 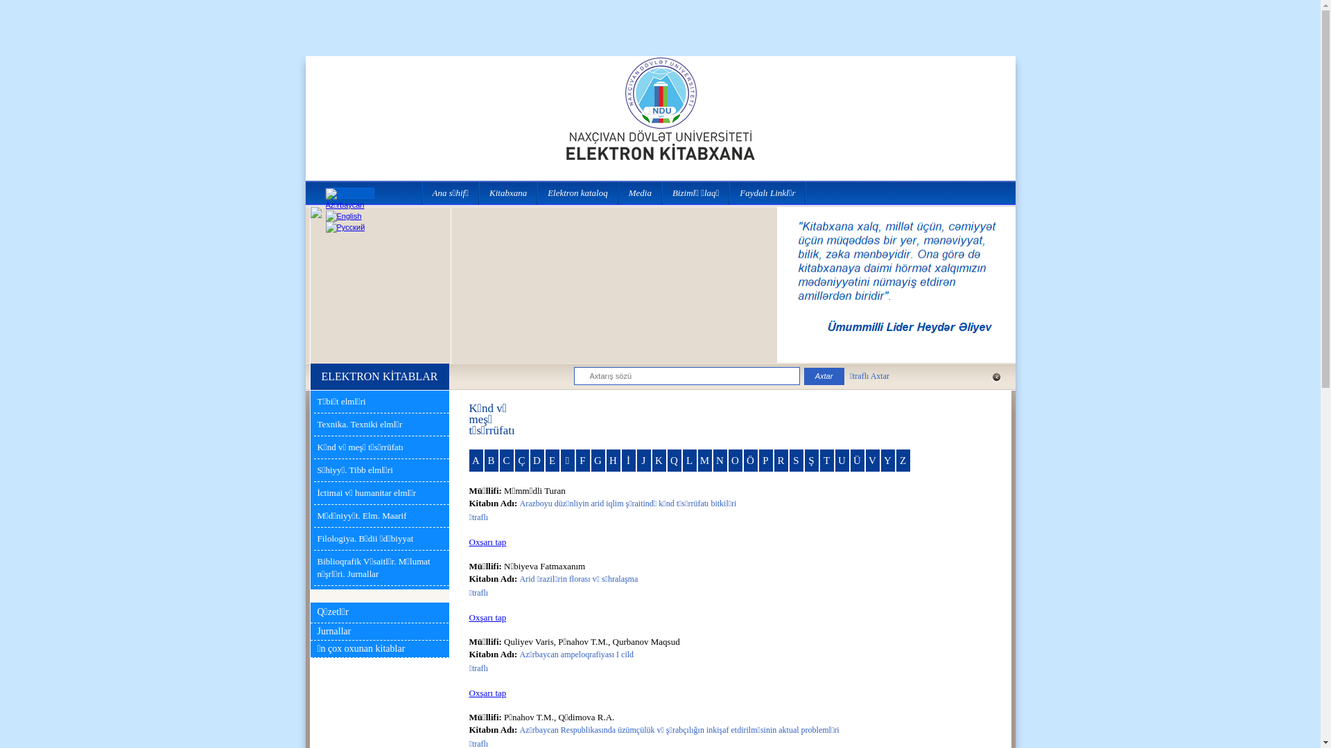 I want to click on 'Kitabxana', so click(x=508, y=193).